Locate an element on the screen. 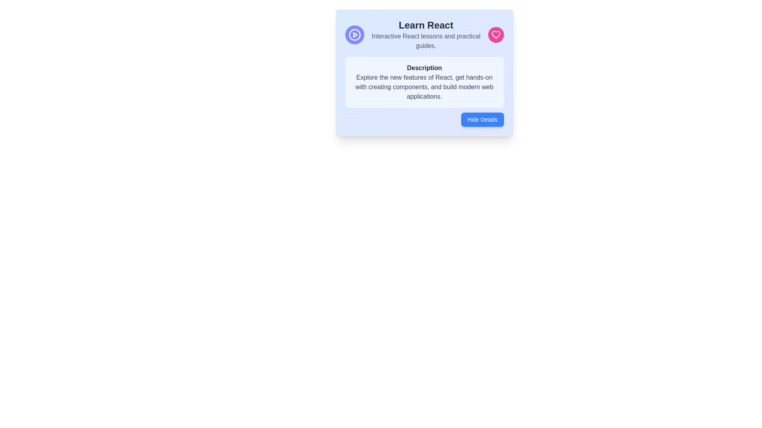  the circular icon with a triangular play symbol inside, which is located in the top-left section of the card-like component is located at coordinates (354, 34).